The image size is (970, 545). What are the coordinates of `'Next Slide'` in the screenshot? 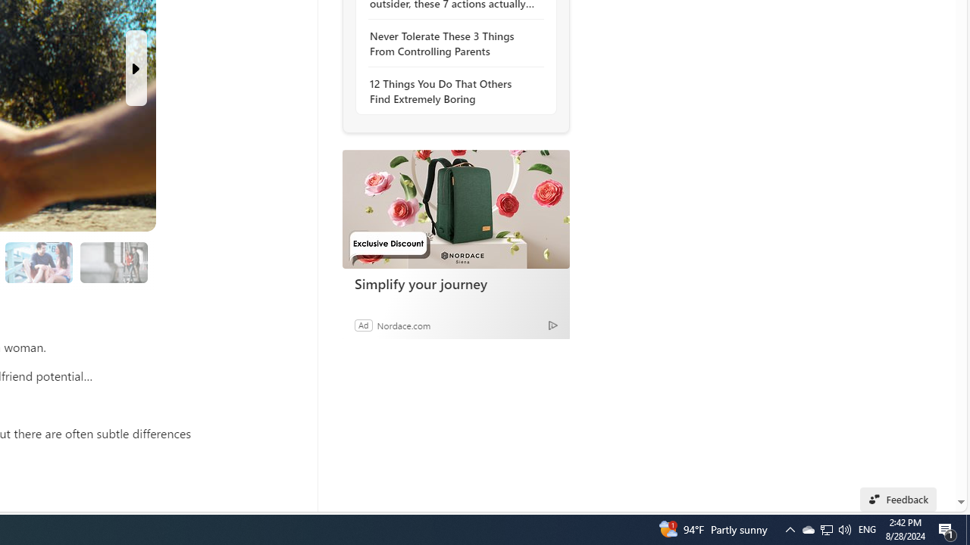 It's located at (136, 68).